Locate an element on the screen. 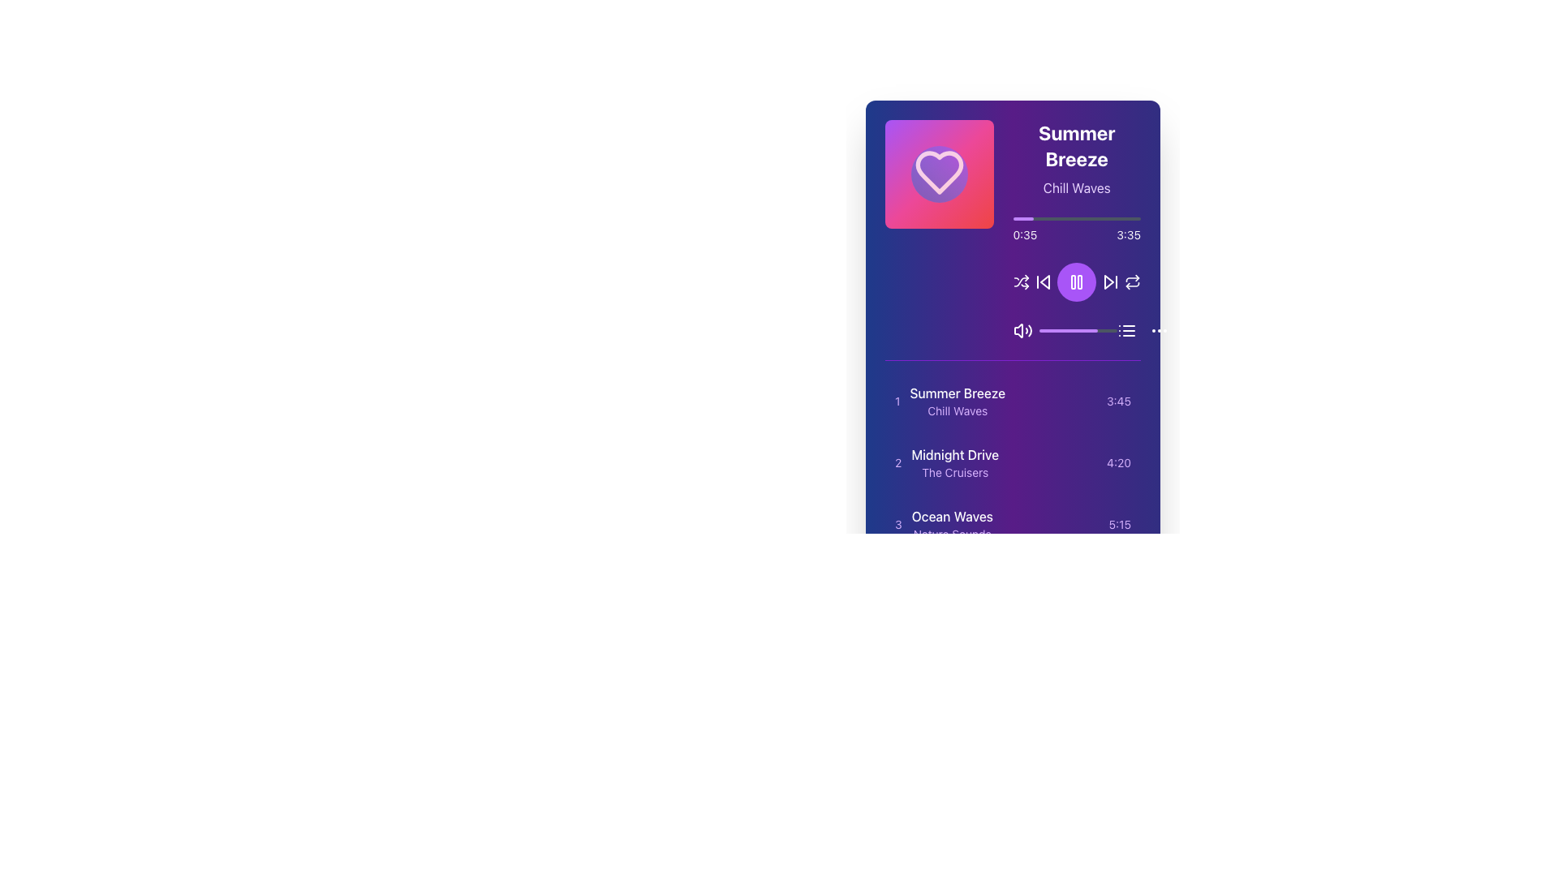  the first selectable playlist item located beneath the player controls to initiate playback of the respective track is located at coordinates (1012, 401).